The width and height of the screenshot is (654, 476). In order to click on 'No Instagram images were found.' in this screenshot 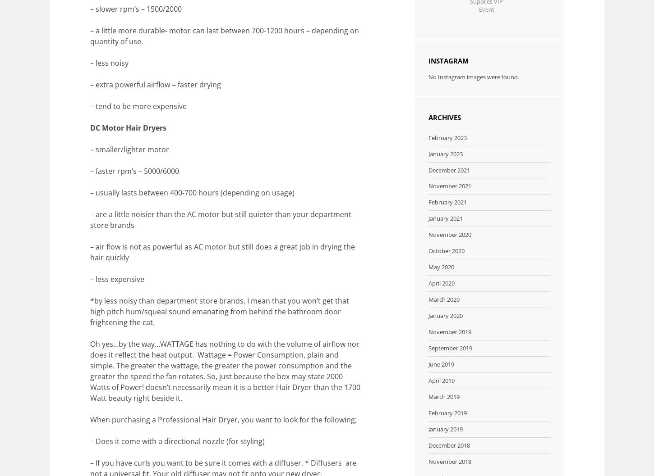, I will do `click(428, 76)`.